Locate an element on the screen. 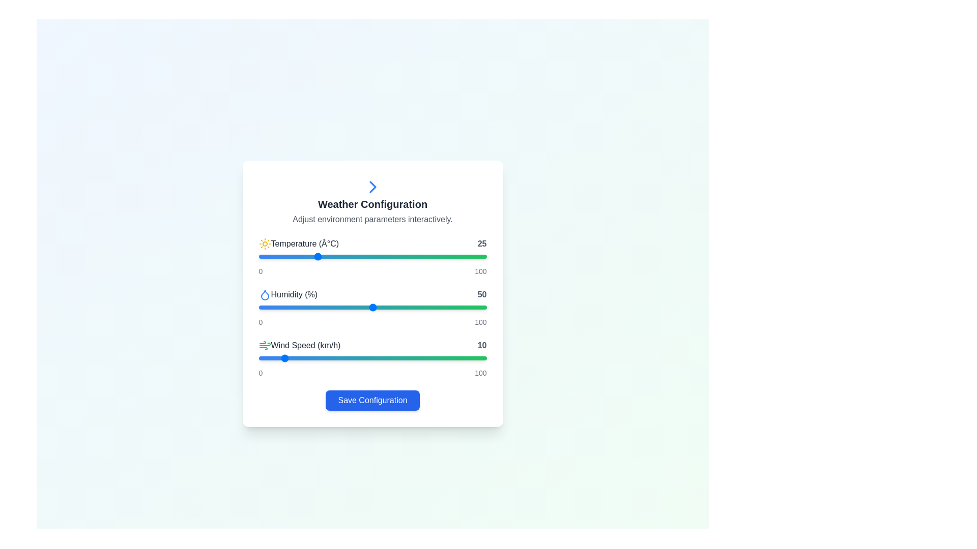 The height and width of the screenshot is (549, 977). slider value is located at coordinates (295, 256).